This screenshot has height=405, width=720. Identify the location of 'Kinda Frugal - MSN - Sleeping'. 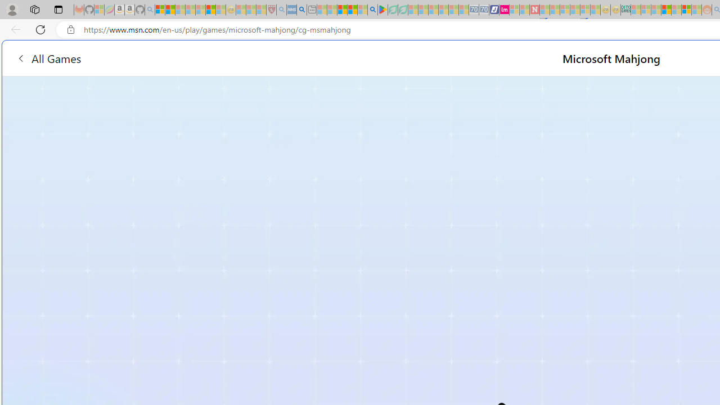
(676, 10).